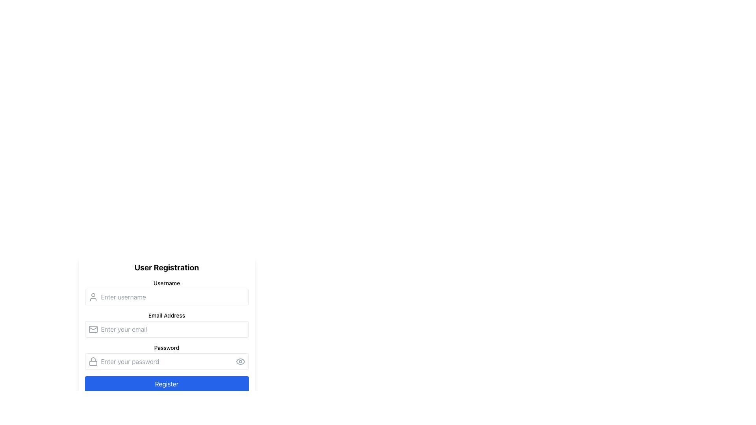 Image resolution: width=756 pixels, height=425 pixels. Describe the element at coordinates (166, 335) in the screenshot. I see `the input fields of the 'User Registration' form to type the username, email address, and password` at that location.